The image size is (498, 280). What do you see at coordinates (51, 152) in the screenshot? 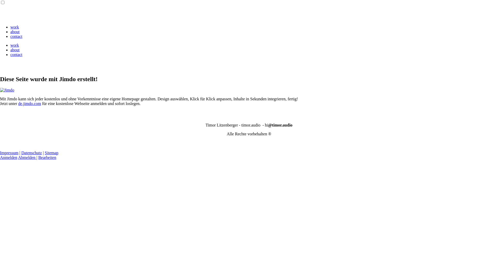
I see `'Sitemap'` at bounding box center [51, 152].